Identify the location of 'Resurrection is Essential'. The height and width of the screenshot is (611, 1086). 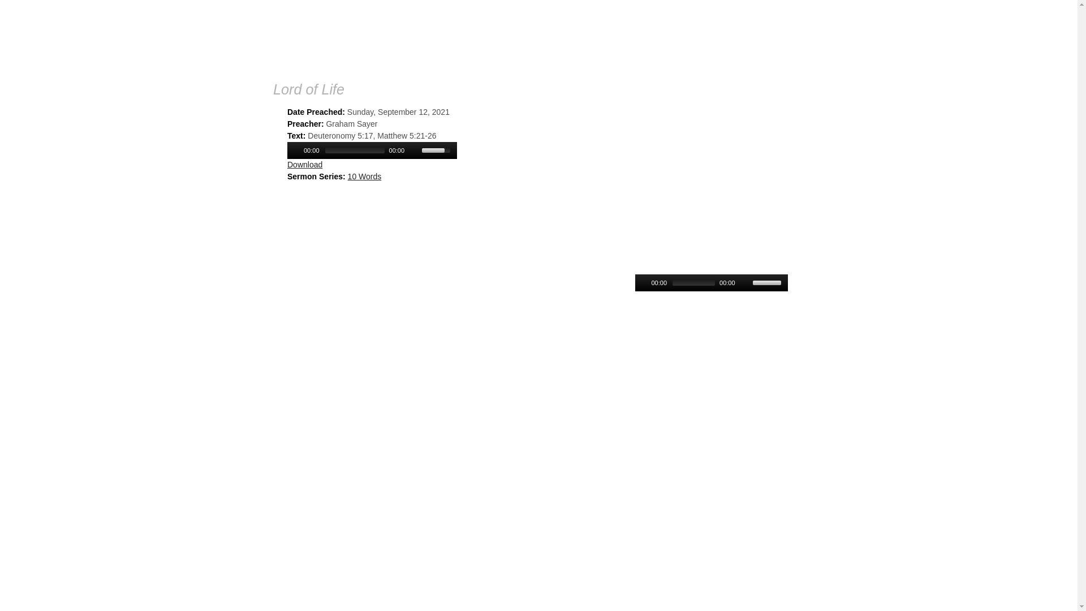
(678, 266).